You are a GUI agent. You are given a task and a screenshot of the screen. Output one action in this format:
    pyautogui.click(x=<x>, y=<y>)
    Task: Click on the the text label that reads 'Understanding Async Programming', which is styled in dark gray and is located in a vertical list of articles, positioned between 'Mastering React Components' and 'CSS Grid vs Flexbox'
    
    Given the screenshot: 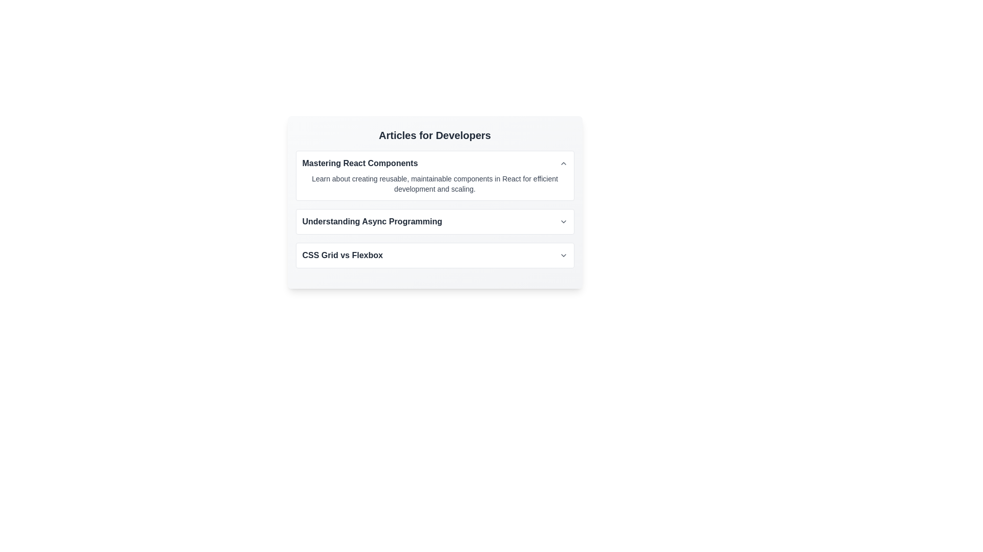 What is the action you would take?
    pyautogui.click(x=372, y=221)
    